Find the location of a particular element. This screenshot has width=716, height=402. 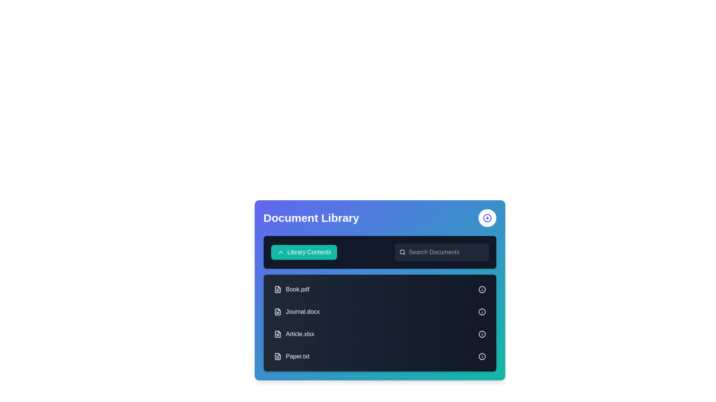

the button located at the top-right corner of the 'Document Library' section is located at coordinates (487, 218).